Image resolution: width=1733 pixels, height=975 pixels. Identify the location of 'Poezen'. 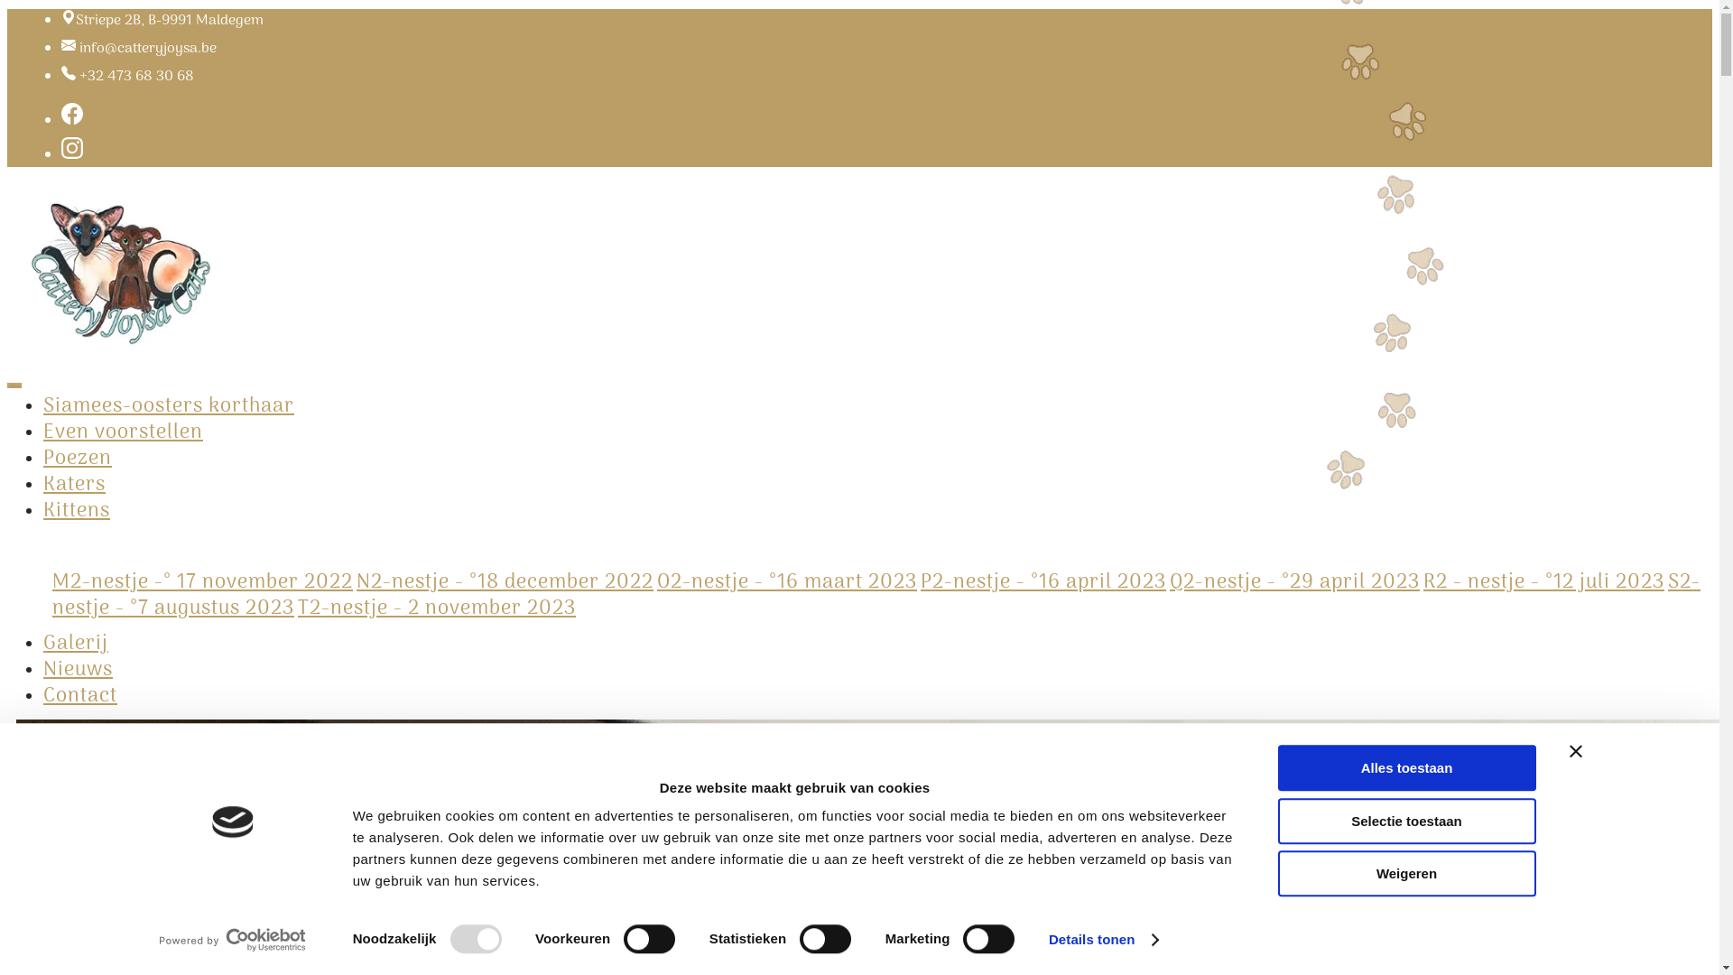
(77, 458).